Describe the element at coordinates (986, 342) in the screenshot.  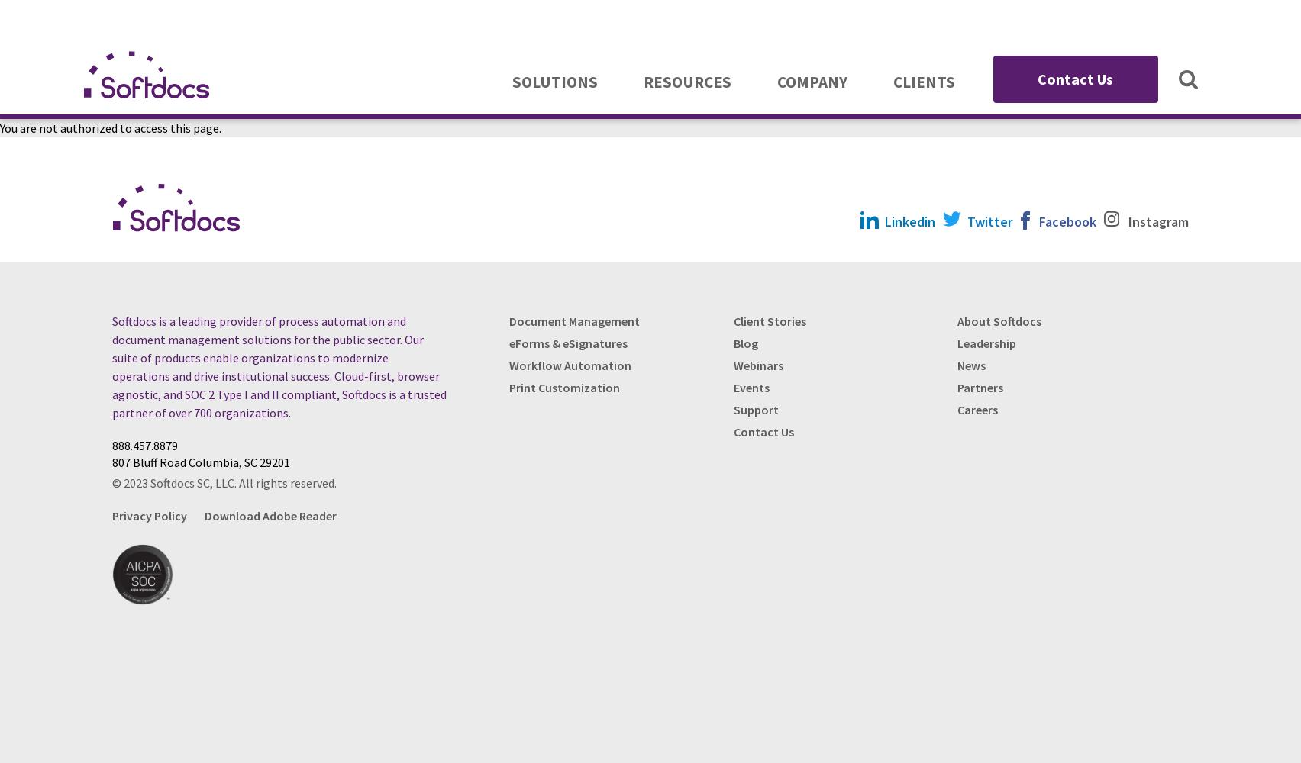
I see `'Leadership'` at that location.